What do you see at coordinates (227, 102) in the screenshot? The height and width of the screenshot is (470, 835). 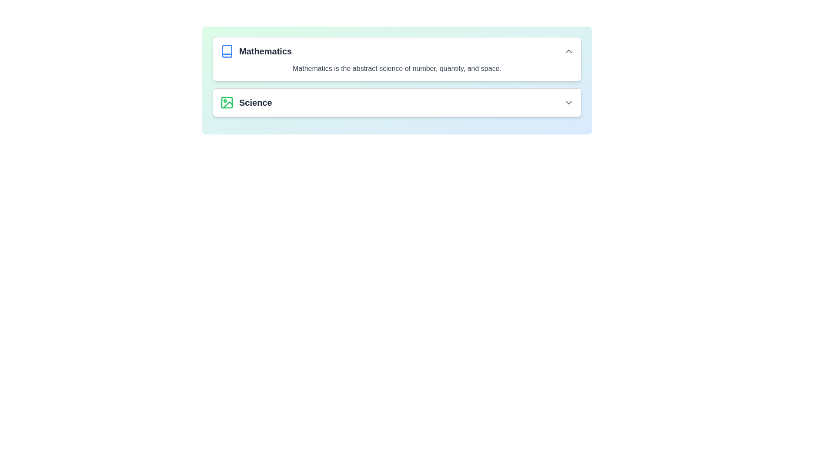 I see `the decorative rectangle icon component located inside the green icon to the left of the 'Science' section` at bounding box center [227, 102].